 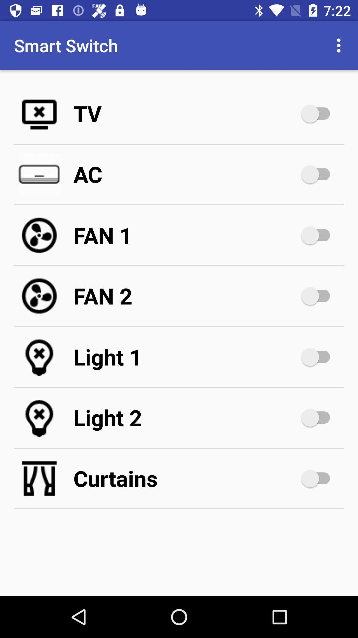 What do you see at coordinates (186, 357) in the screenshot?
I see `the item above the light 2 item` at bounding box center [186, 357].